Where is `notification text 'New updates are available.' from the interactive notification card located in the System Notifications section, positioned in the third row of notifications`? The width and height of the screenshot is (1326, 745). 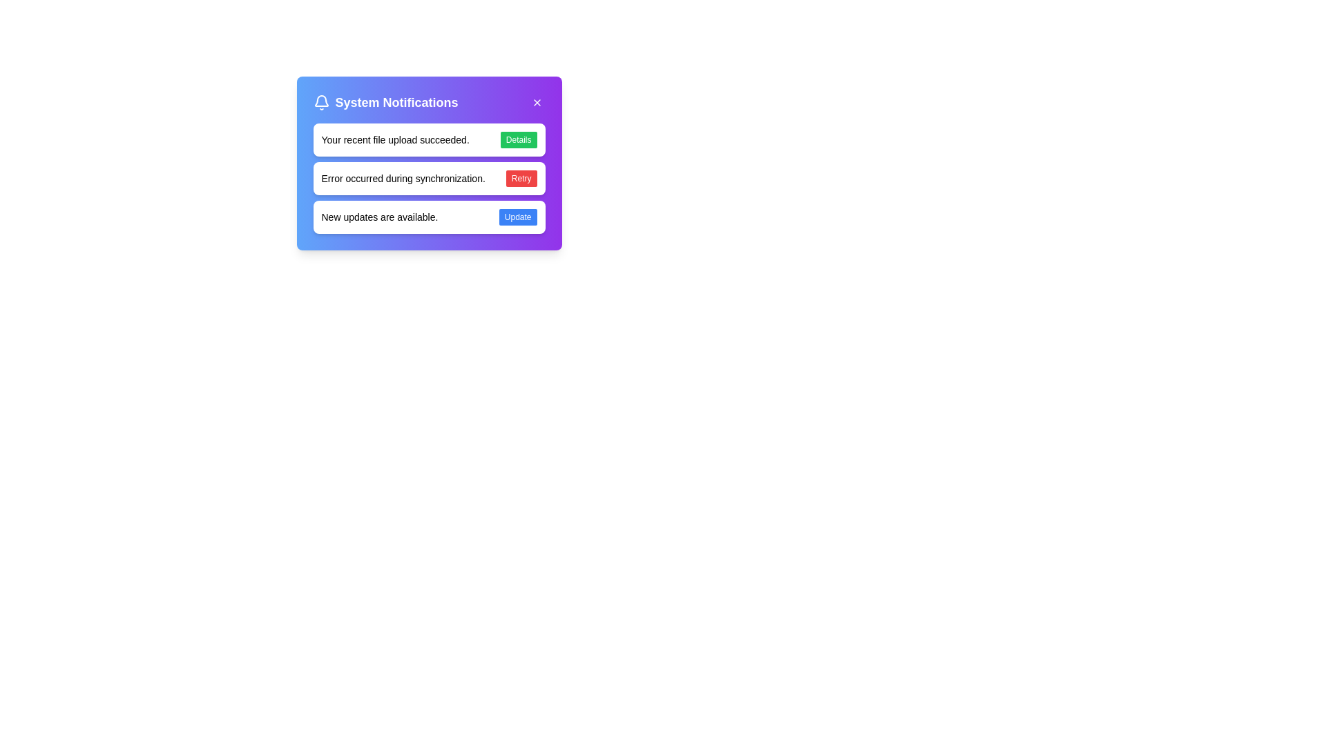 notification text 'New updates are available.' from the interactive notification card located in the System Notifications section, positioned in the third row of notifications is located at coordinates (428, 217).